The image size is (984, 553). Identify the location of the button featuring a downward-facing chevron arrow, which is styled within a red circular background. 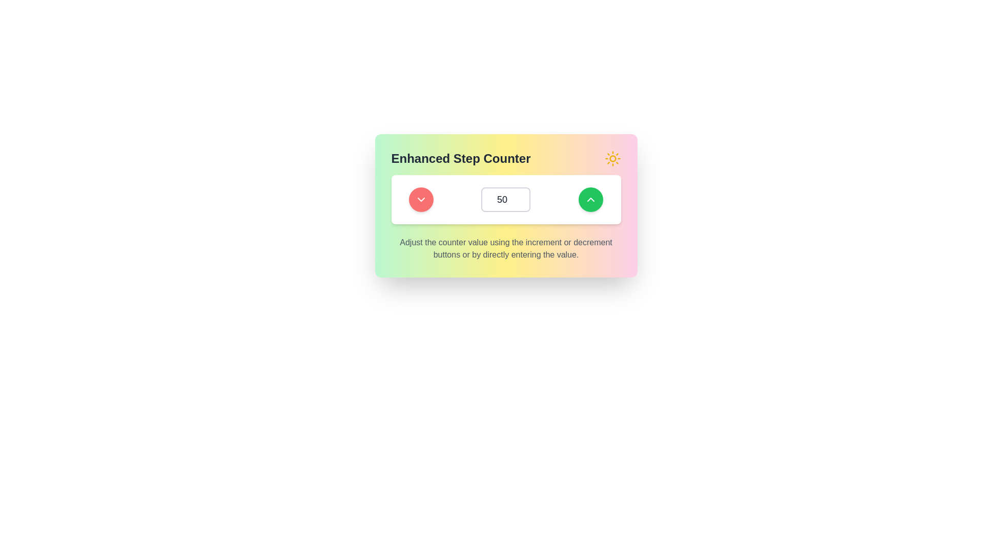
(421, 199).